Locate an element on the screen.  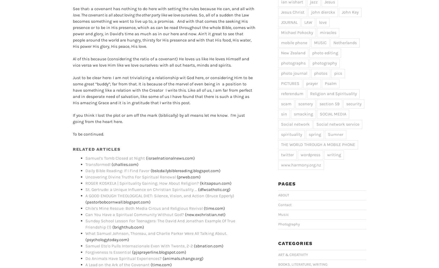
'SOCIAL MEDIA' is located at coordinates (333, 114).